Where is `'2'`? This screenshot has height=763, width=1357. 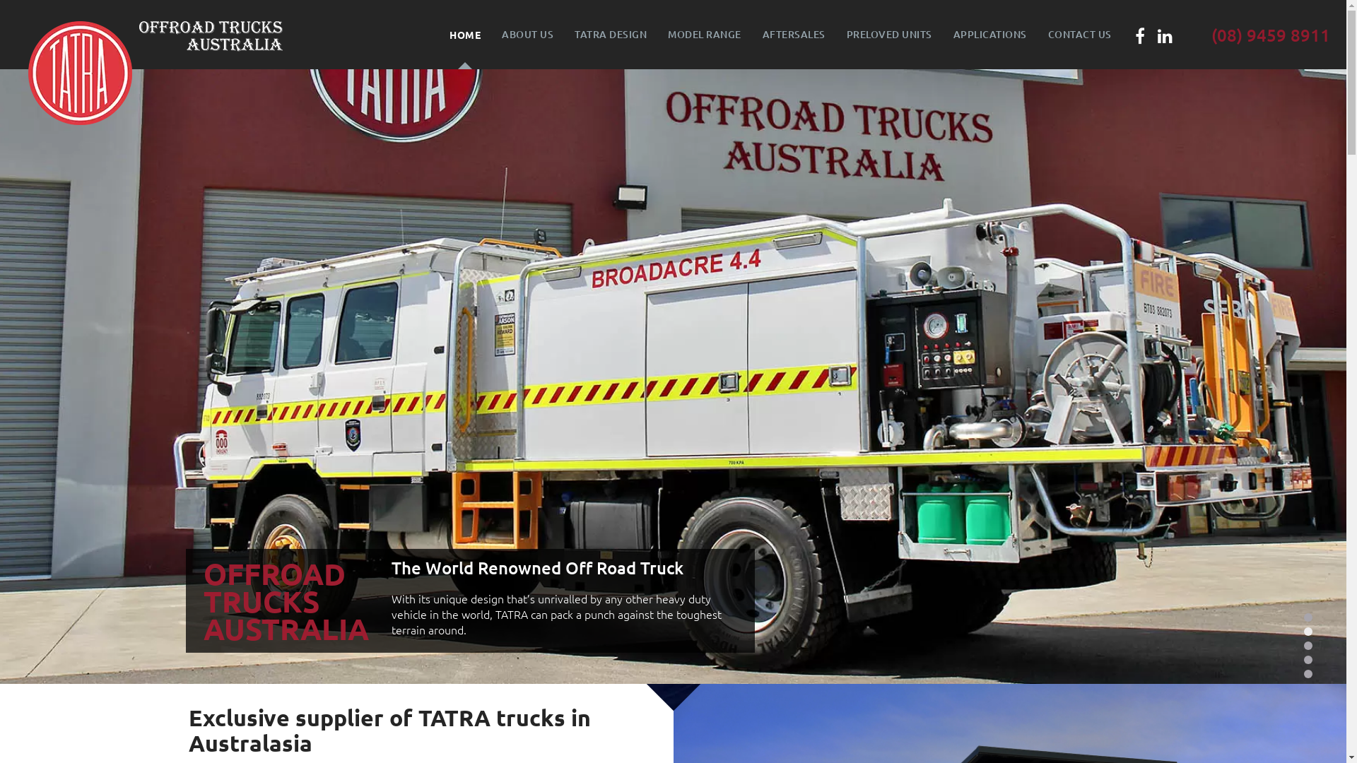 '2' is located at coordinates (1308, 631).